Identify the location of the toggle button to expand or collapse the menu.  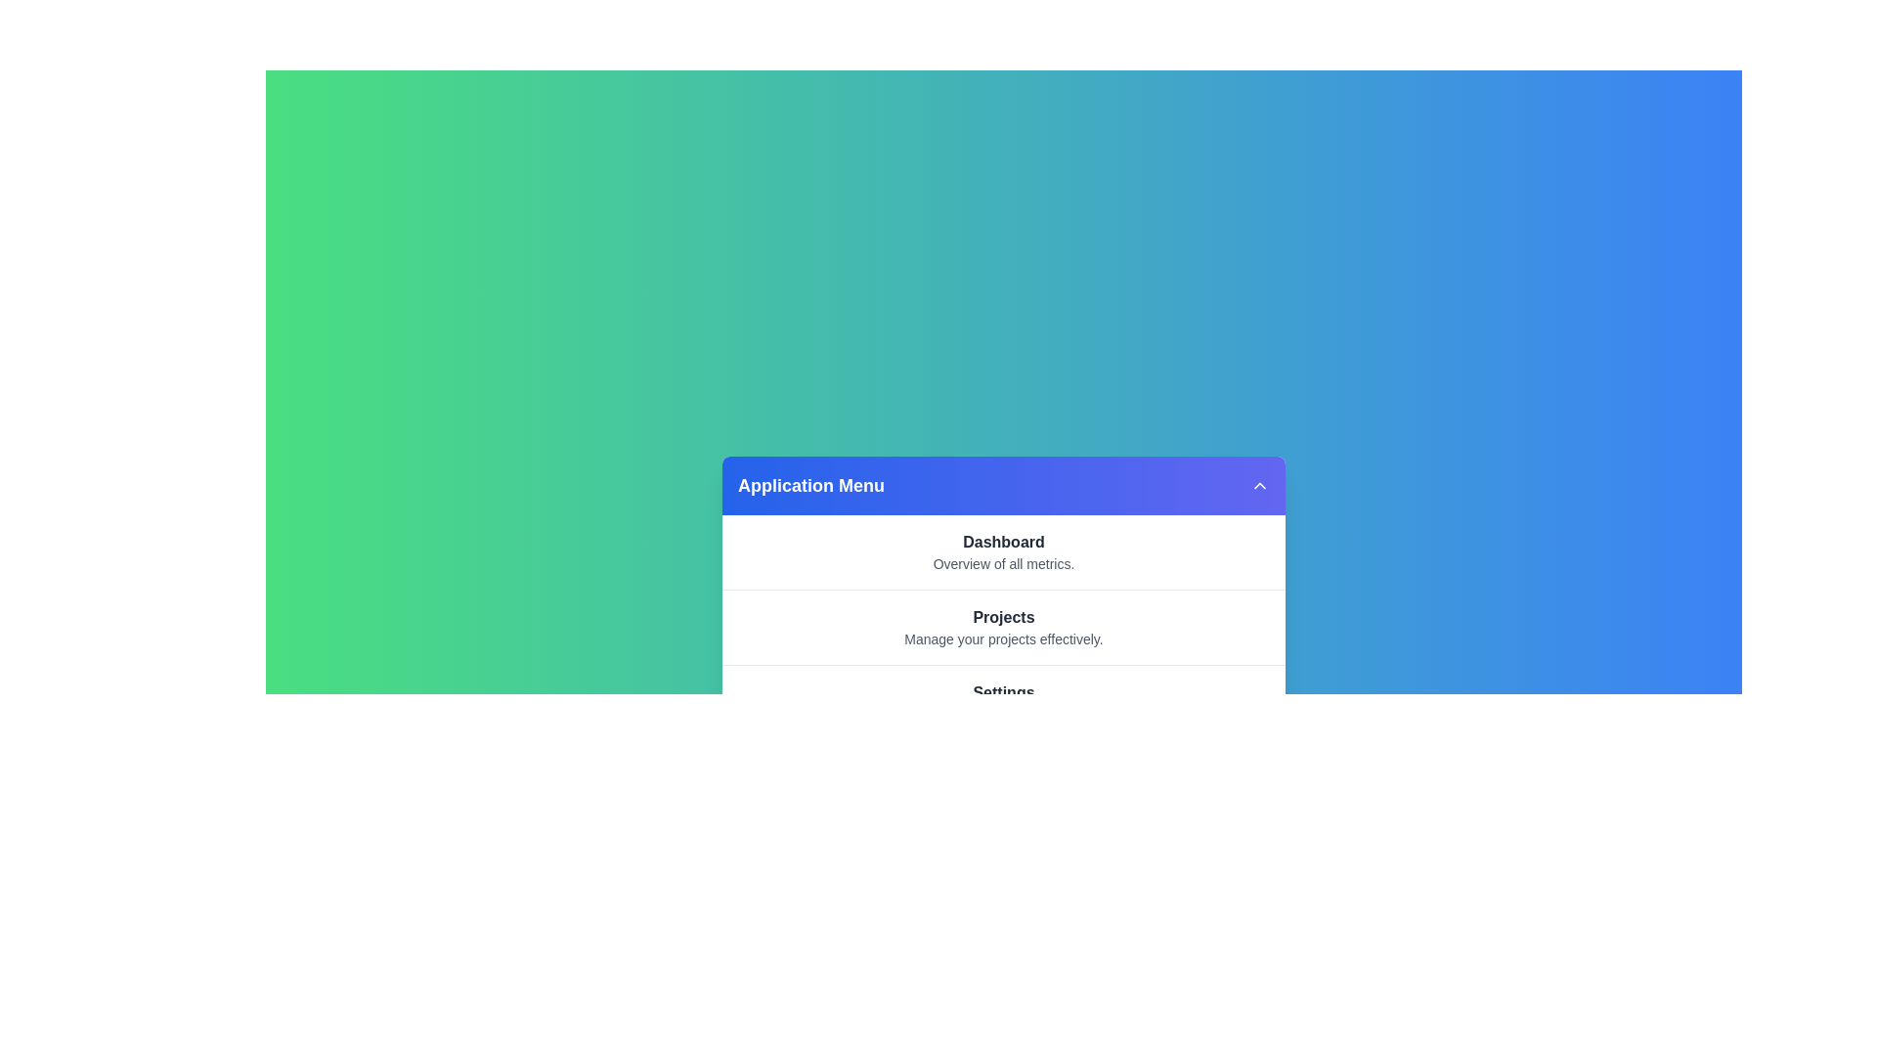
(1260, 485).